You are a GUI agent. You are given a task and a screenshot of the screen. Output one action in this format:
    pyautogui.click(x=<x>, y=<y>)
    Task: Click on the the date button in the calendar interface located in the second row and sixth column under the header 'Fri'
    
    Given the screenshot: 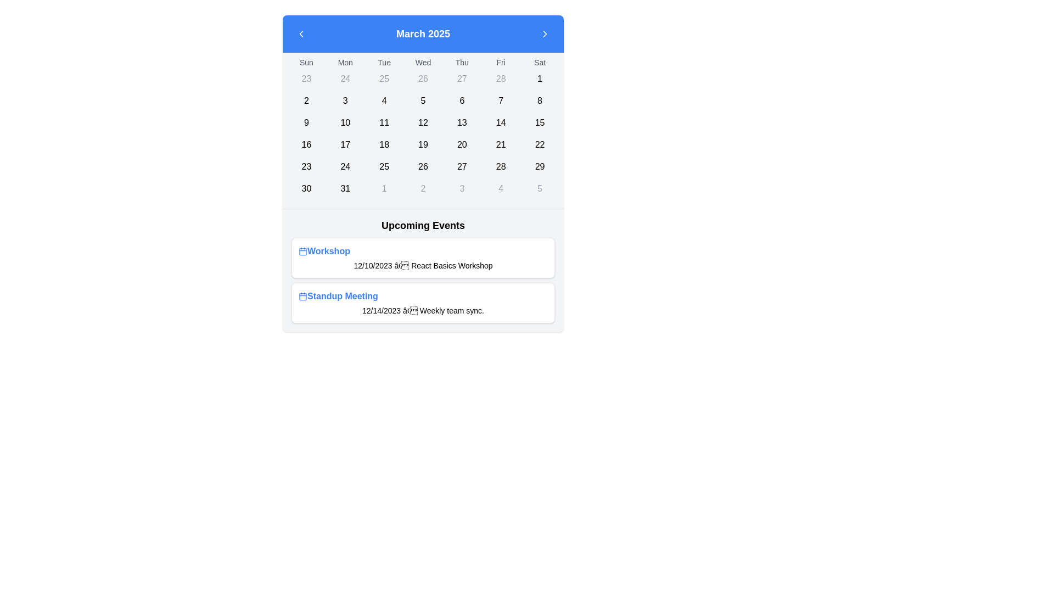 What is the action you would take?
    pyautogui.click(x=500, y=101)
    